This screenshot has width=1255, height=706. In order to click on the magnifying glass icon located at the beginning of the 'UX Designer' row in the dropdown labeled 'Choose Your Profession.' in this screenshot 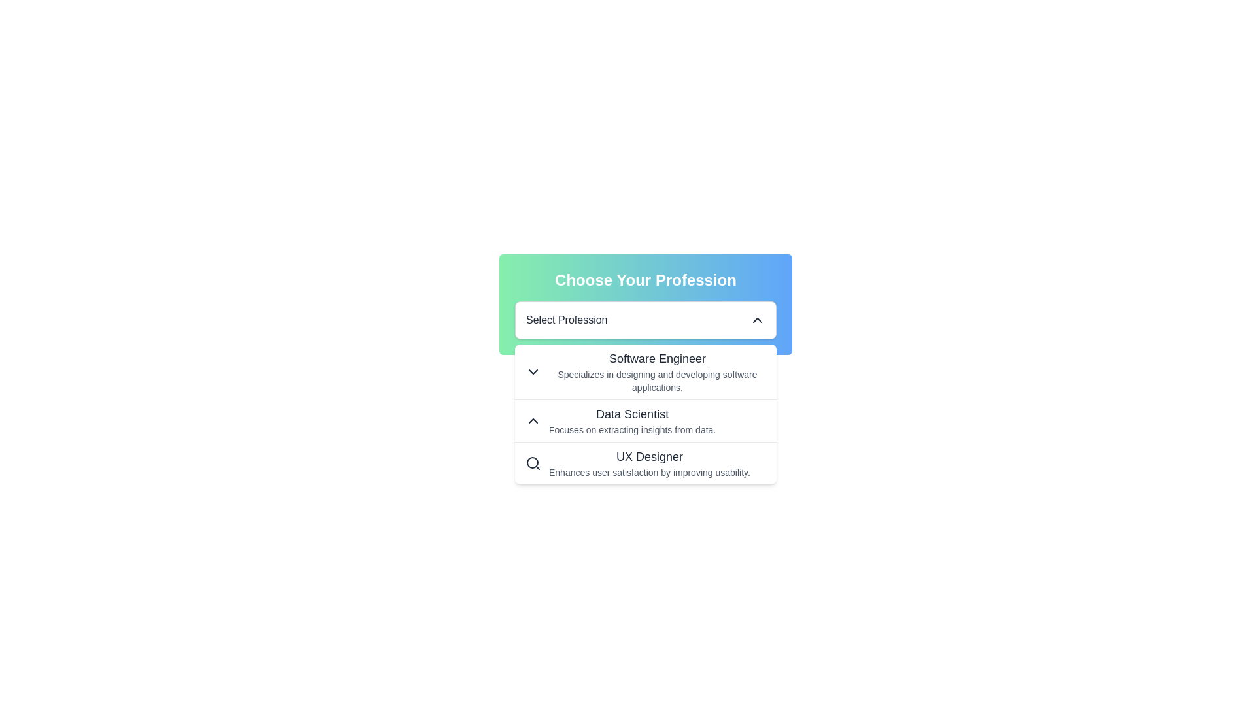, I will do `click(533, 463)`.